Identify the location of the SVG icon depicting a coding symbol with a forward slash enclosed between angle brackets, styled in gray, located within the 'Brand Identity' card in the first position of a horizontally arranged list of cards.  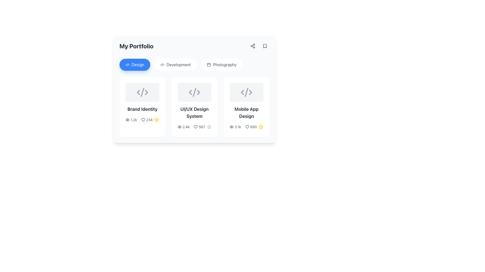
(142, 92).